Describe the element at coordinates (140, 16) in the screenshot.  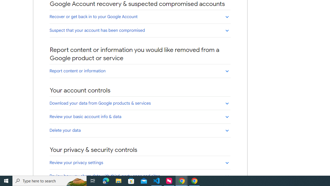
I see `'Recover or get back in to your Google Account'` at that location.